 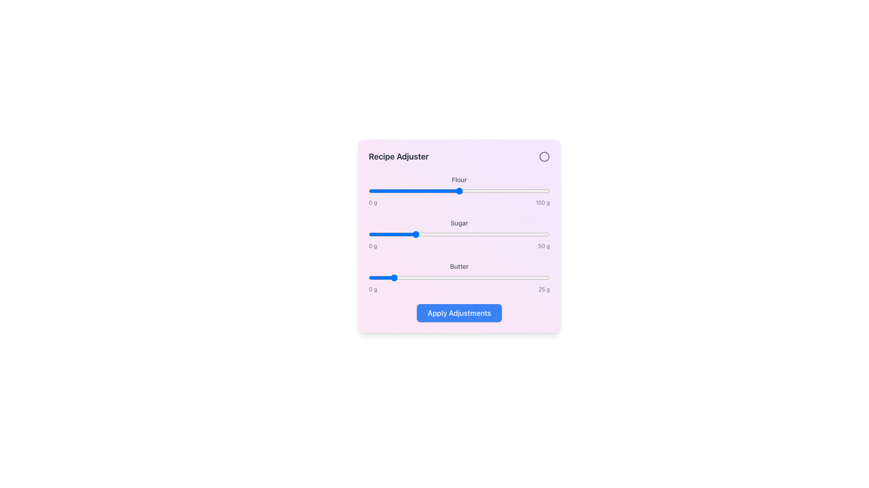 I want to click on the slider value, so click(x=393, y=191).